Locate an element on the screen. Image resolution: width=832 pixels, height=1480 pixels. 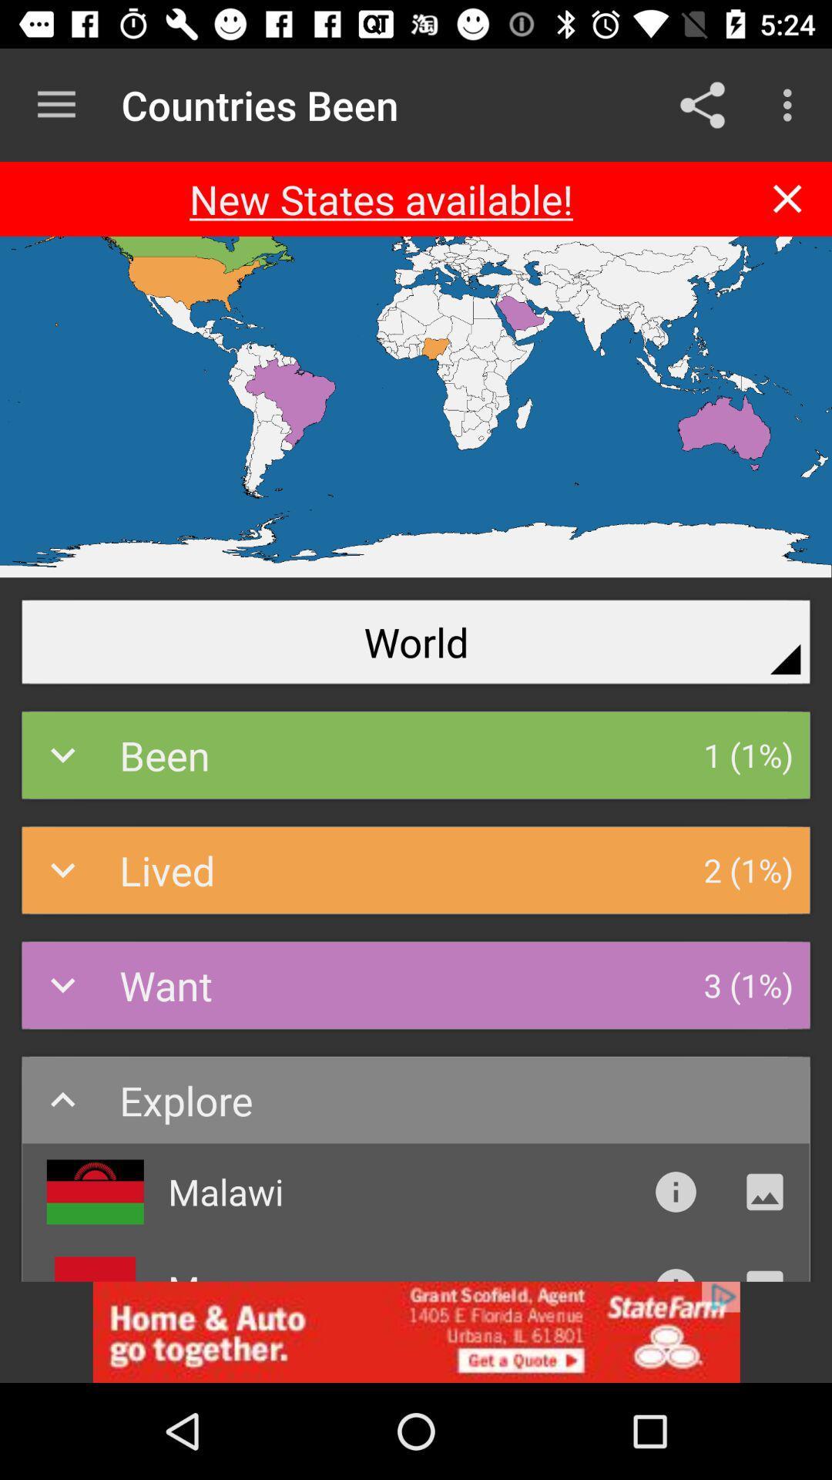
open settings is located at coordinates (55, 104).